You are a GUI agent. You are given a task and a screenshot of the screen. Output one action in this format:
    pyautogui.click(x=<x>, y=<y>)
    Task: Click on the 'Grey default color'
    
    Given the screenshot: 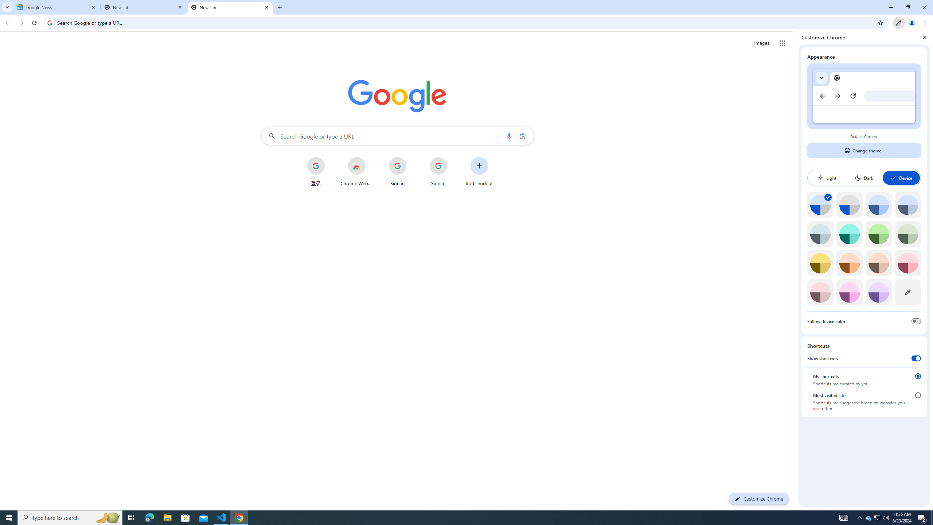 What is the action you would take?
    pyautogui.click(x=849, y=204)
    